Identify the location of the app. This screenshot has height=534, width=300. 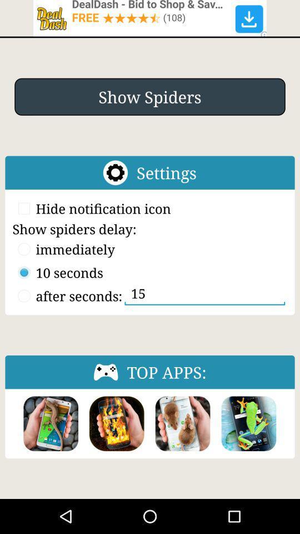
(183, 423).